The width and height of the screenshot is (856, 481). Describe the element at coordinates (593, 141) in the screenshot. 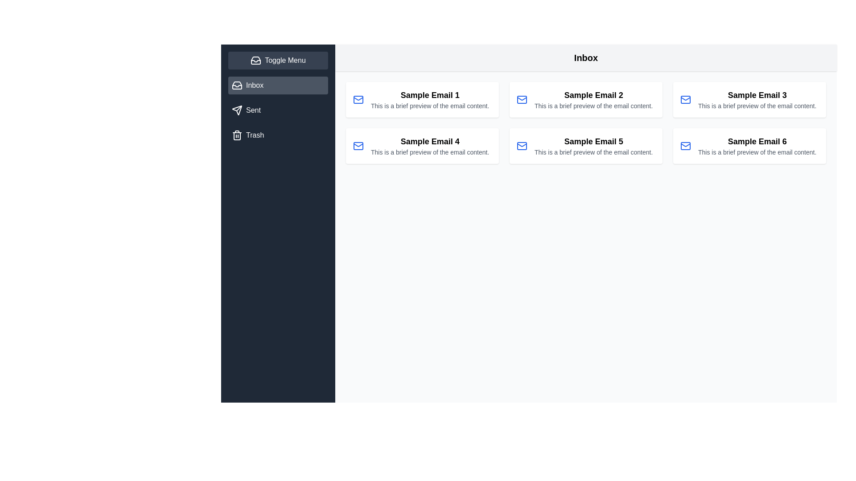

I see `the title text of the email in the fifth email block of the 'Inbox' section` at that location.